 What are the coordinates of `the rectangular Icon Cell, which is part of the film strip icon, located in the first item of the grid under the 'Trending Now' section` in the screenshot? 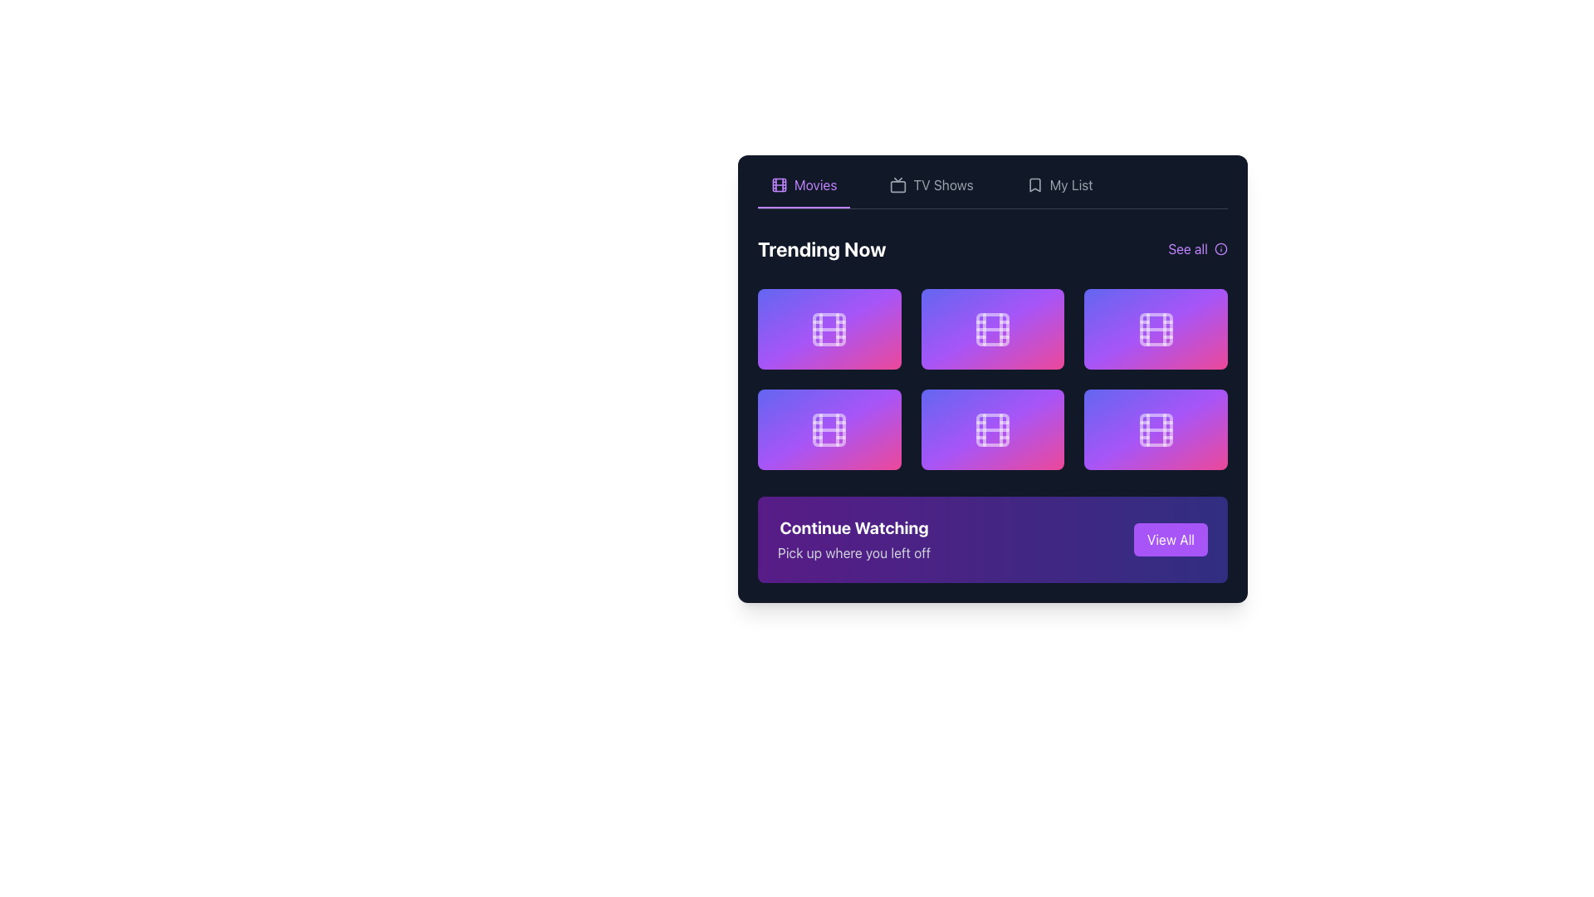 It's located at (829, 329).